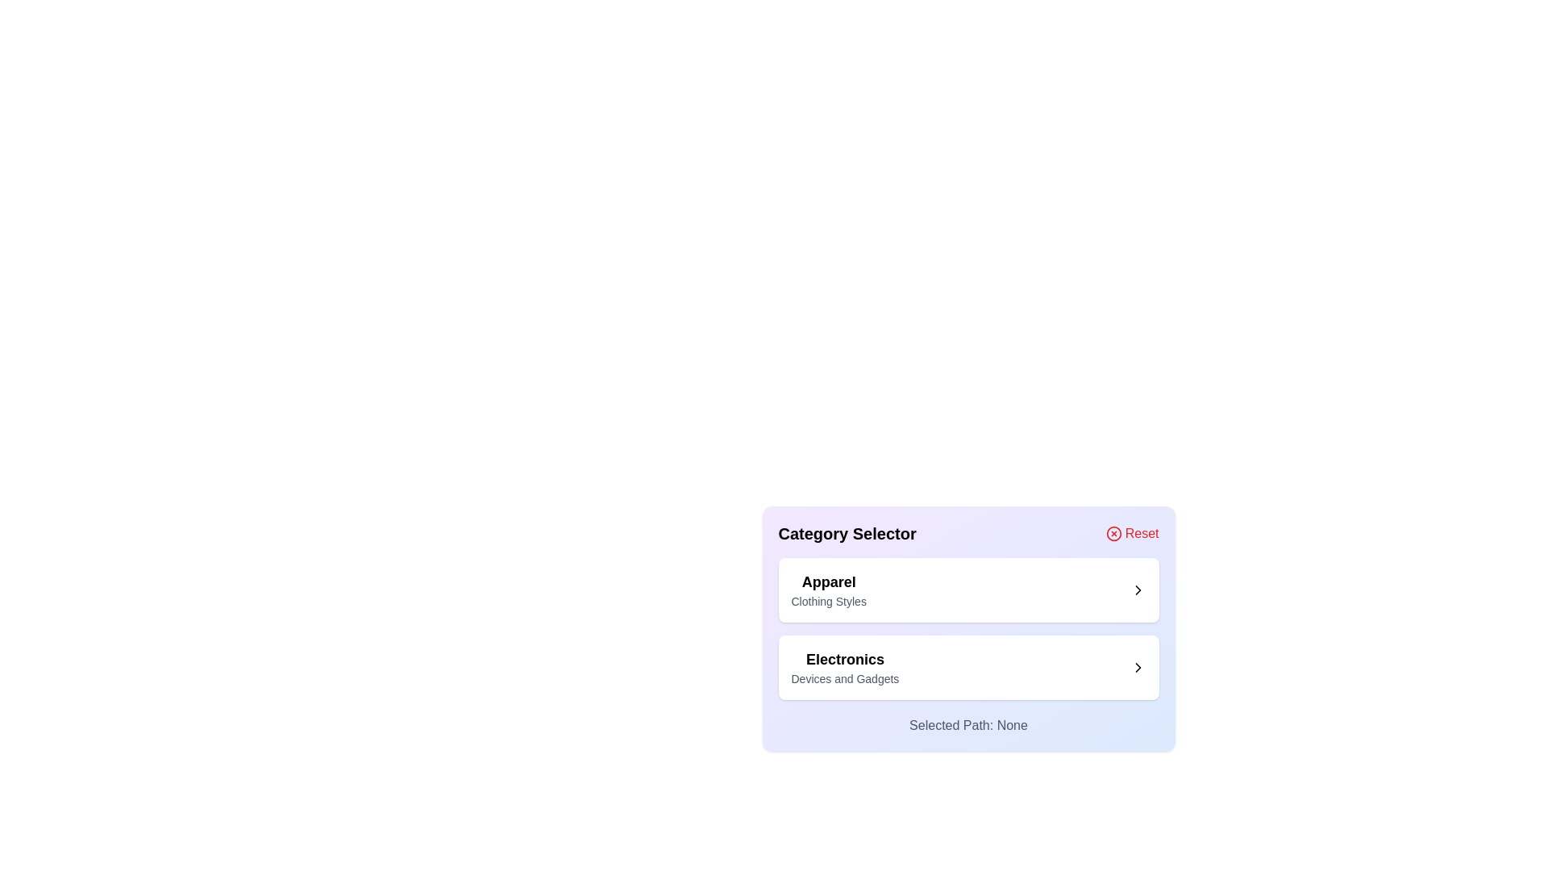  What do you see at coordinates (967, 590) in the screenshot?
I see `the 'Apparel' navigation item located in the 'Category Selector' card` at bounding box center [967, 590].